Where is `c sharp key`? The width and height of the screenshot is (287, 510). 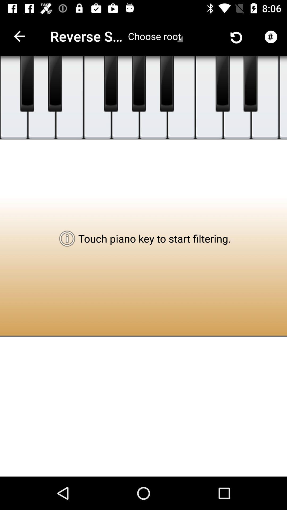 c sharp key is located at coordinates (27, 83).